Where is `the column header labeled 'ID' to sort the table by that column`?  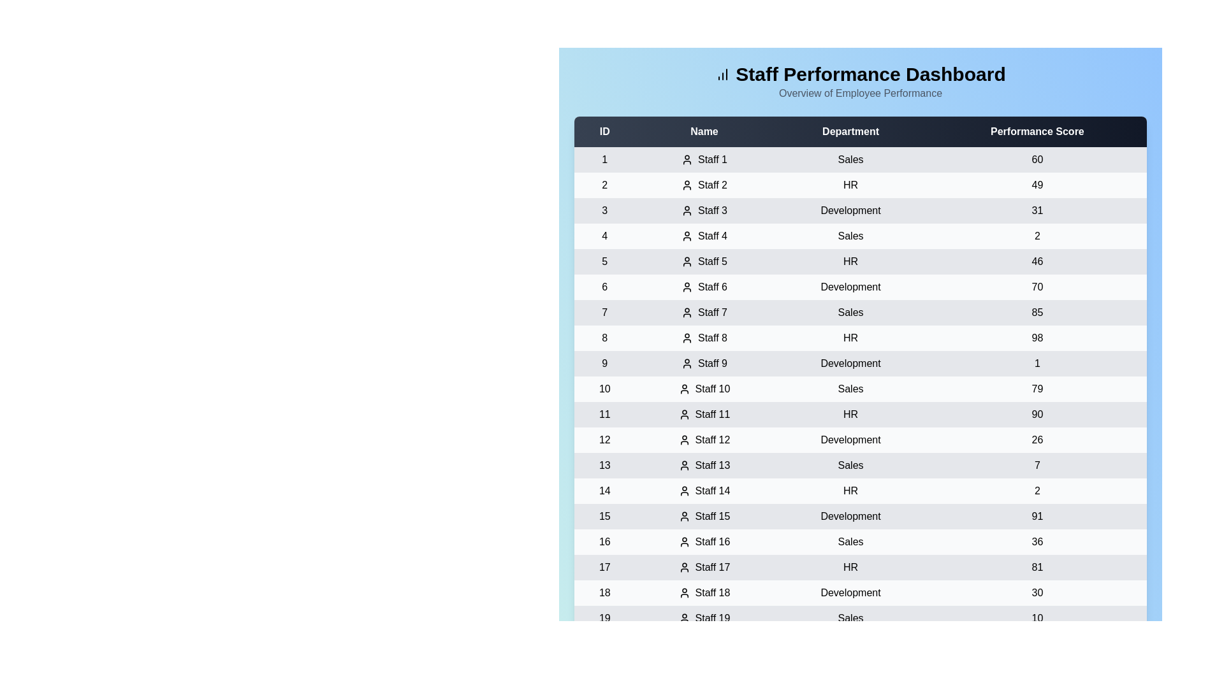
the column header labeled 'ID' to sort the table by that column is located at coordinates (604, 132).